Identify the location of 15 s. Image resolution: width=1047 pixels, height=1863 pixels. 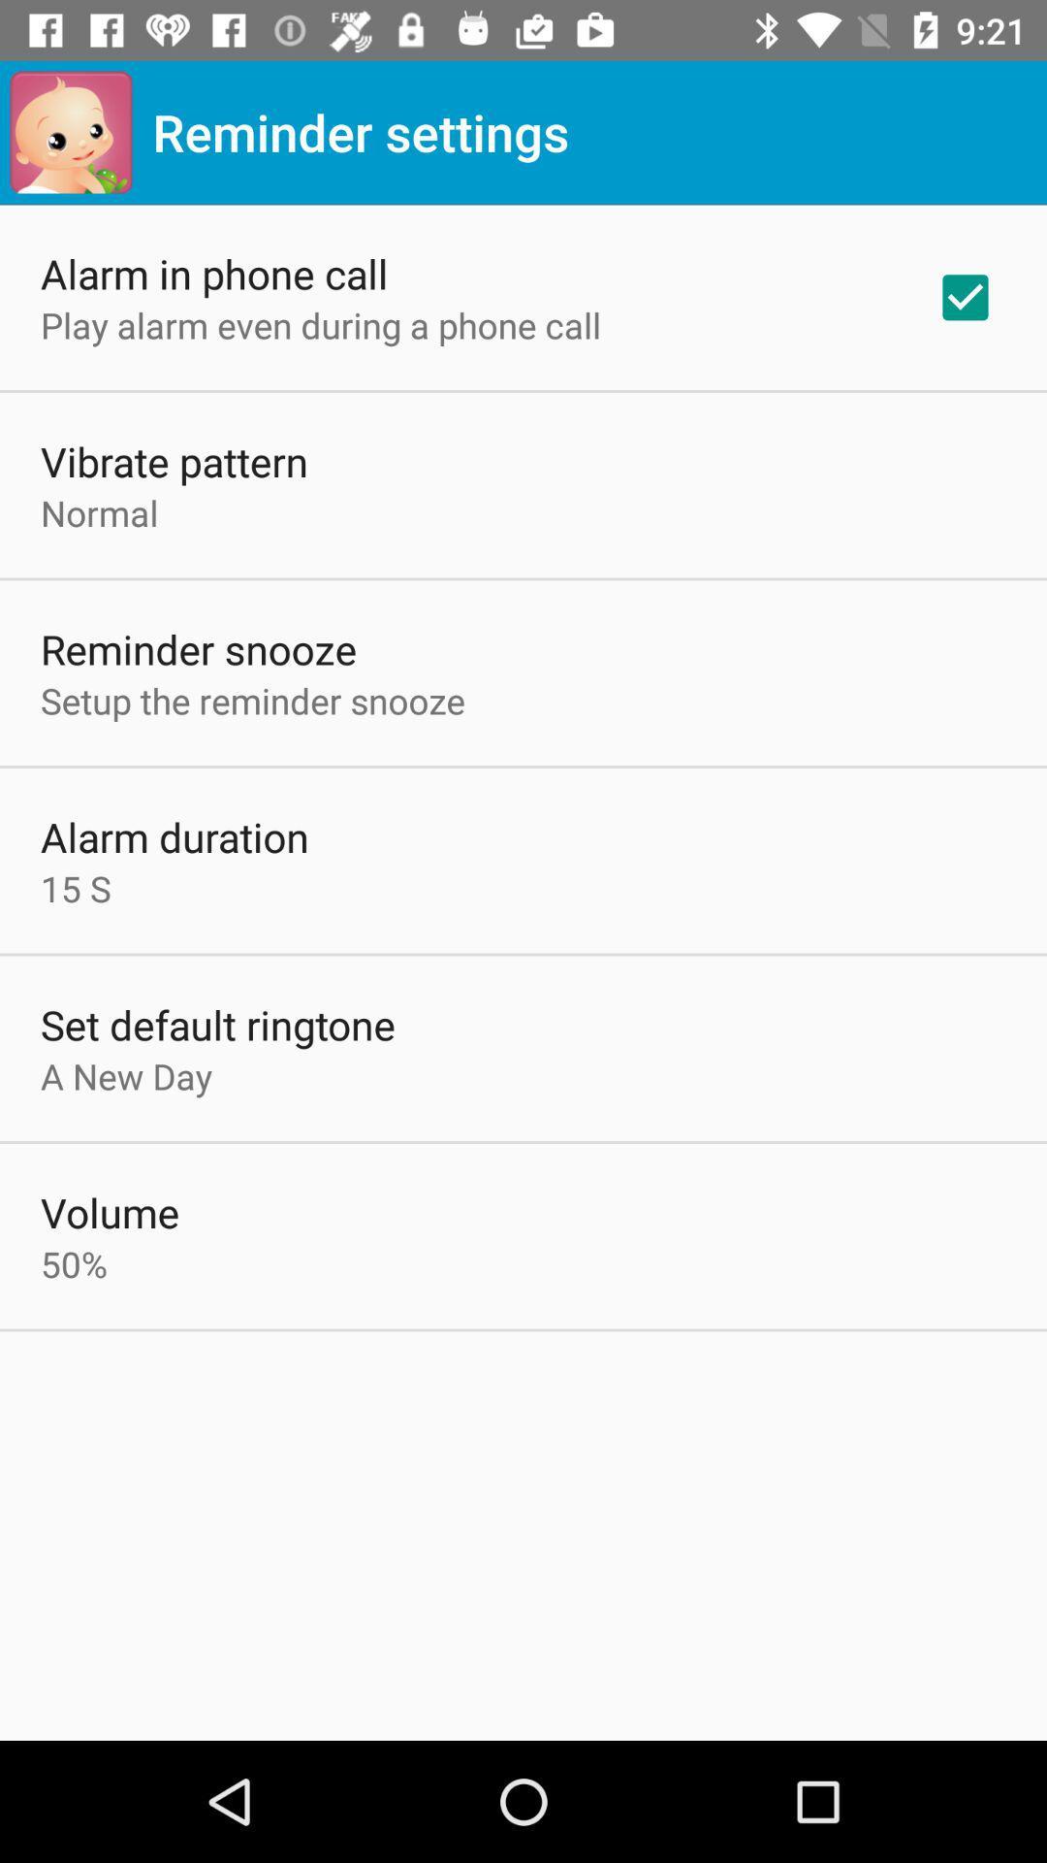
(75, 887).